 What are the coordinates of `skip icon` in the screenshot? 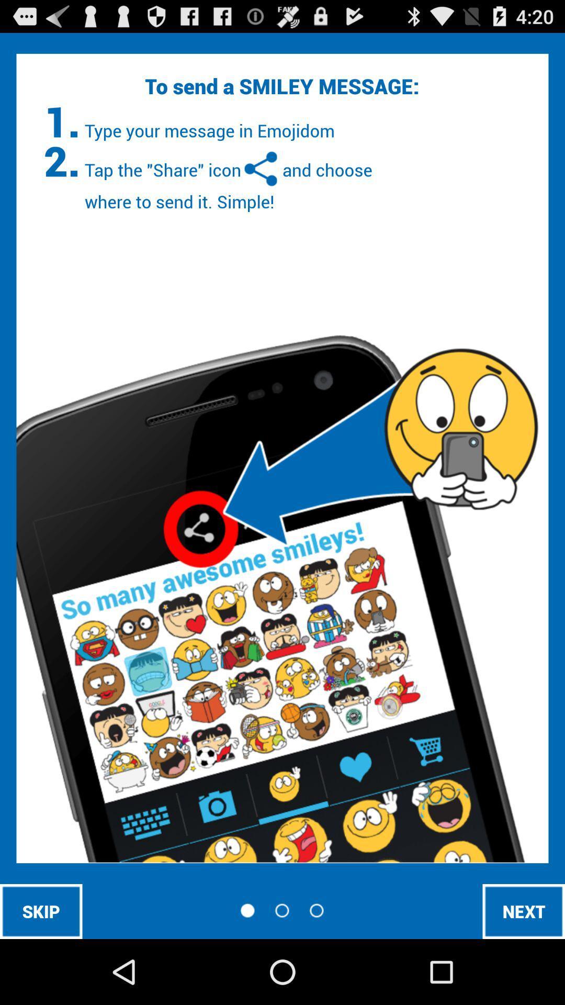 It's located at (40, 911).